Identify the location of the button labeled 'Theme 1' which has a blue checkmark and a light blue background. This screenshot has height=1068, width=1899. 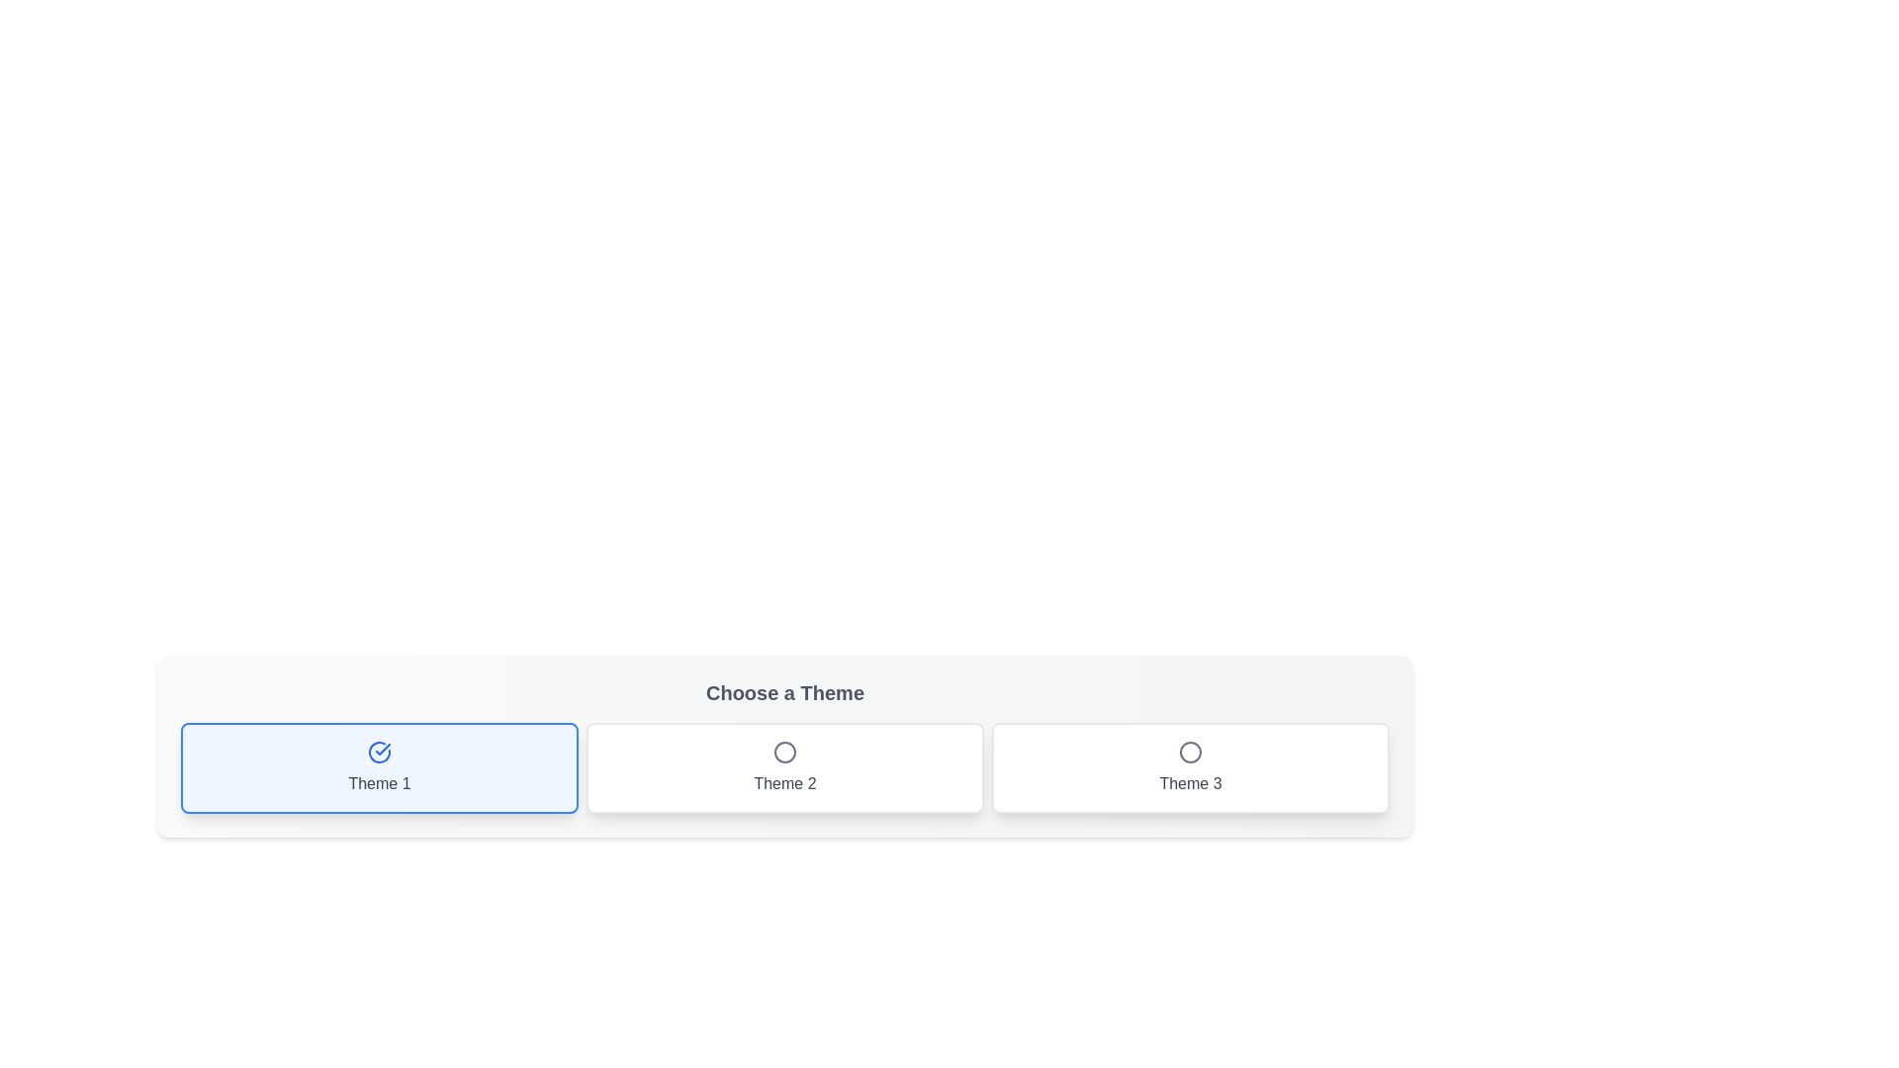
(380, 766).